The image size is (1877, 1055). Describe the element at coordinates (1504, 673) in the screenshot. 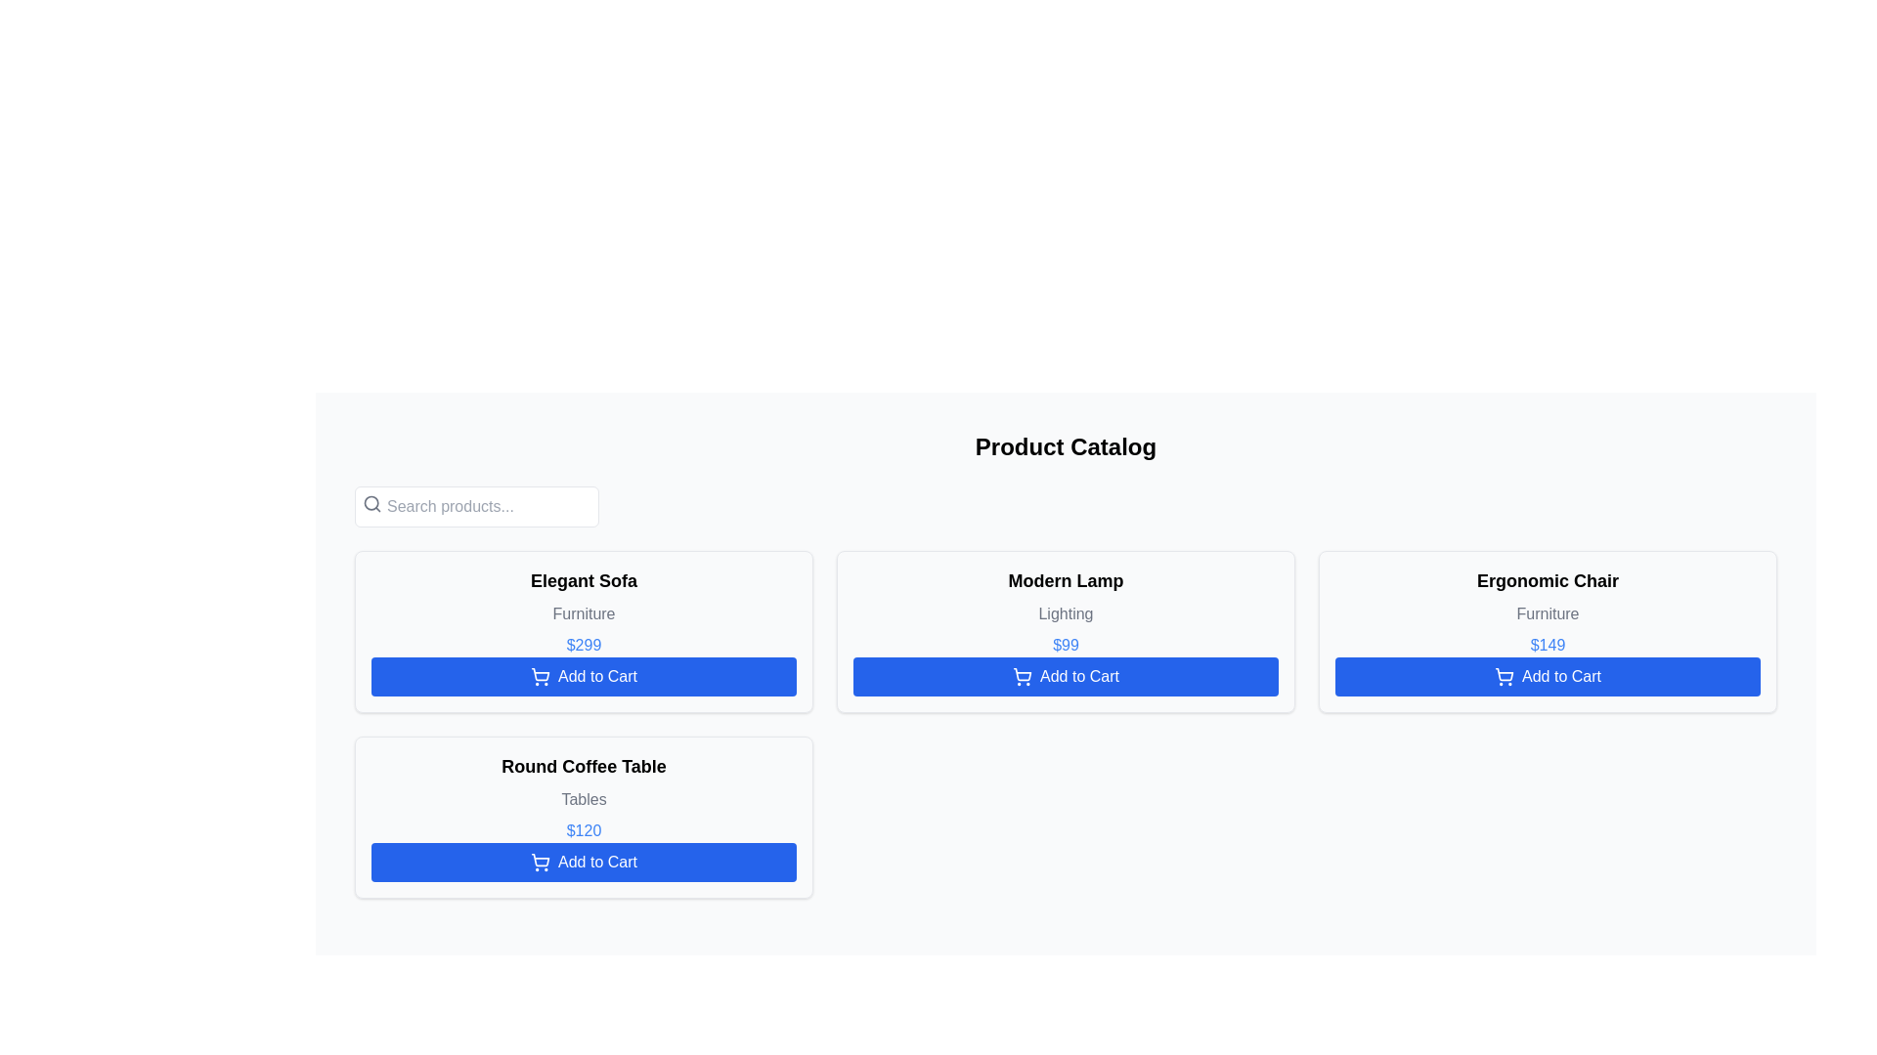

I see `the icon that visually represents adding a product to the cart, located to the left of the 'Add to Cart' text within the blue button of the 'Ergonomic Chair' product card` at that location.